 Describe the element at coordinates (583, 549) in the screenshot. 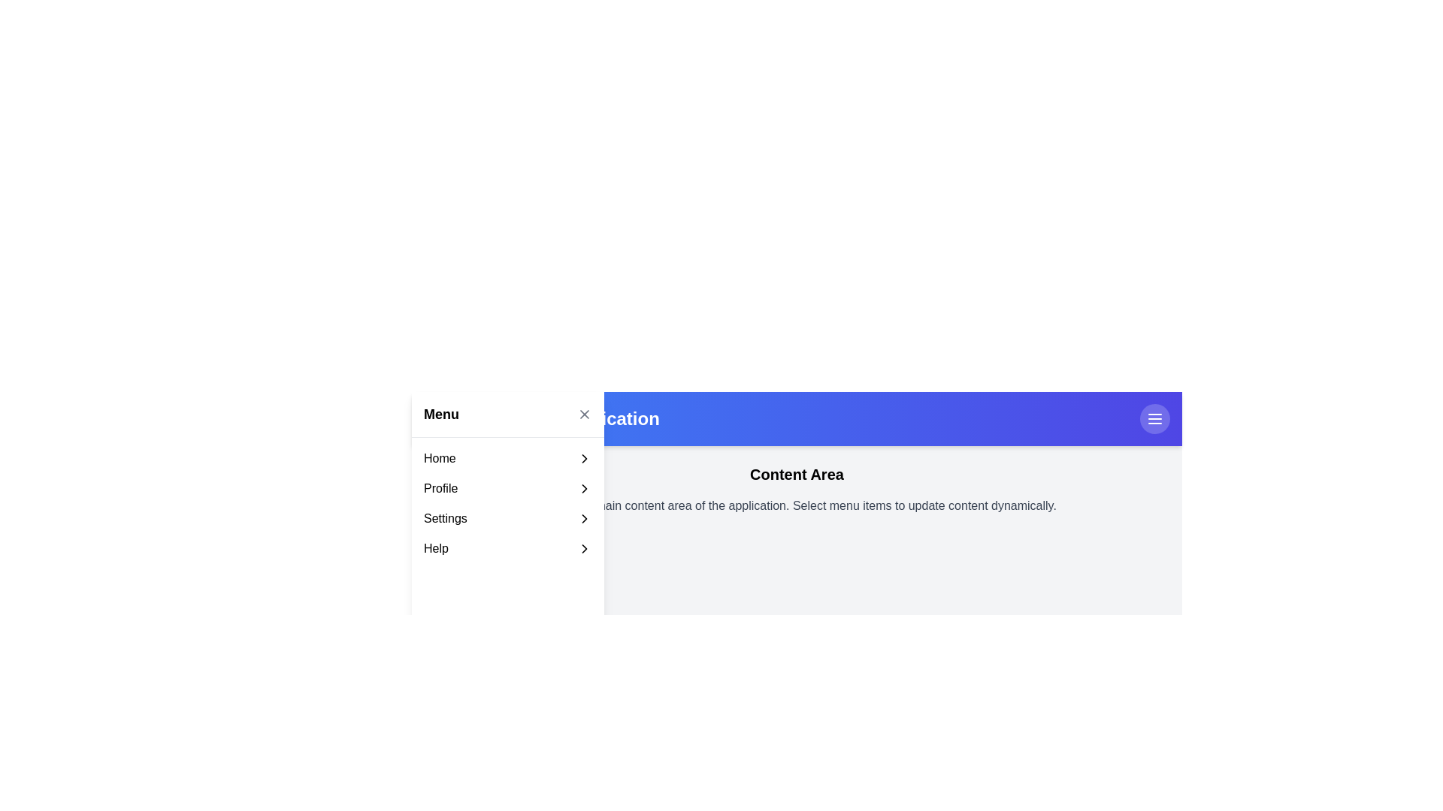

I see `the right-pointing chevron icon located at the far-right end of the 'Help' menu item in the sidebar menu` at that location.